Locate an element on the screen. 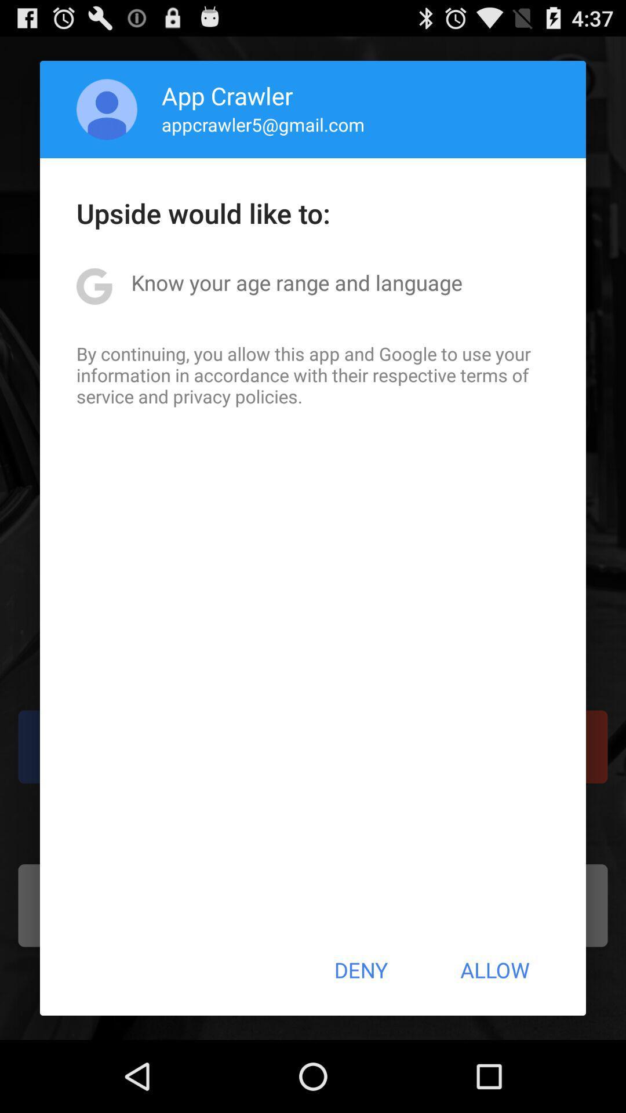 Image resolution: width=626 pixels, height=1113 pixels. item below the app crawler icon is located at coordinates (263, 124).